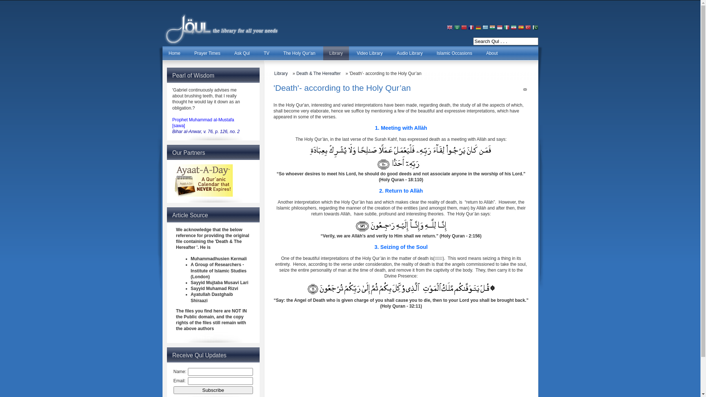 This screenshot has width=706, height=397. What do you see at coordinates (370, 53) in the screenshot?
I see `'Video Library'` at bounding box center [370, 53].